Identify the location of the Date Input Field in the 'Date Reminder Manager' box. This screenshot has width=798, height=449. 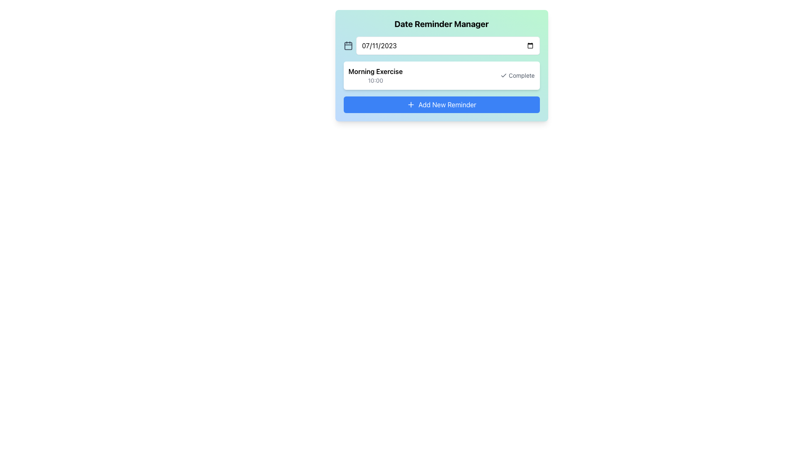
(447, 46).